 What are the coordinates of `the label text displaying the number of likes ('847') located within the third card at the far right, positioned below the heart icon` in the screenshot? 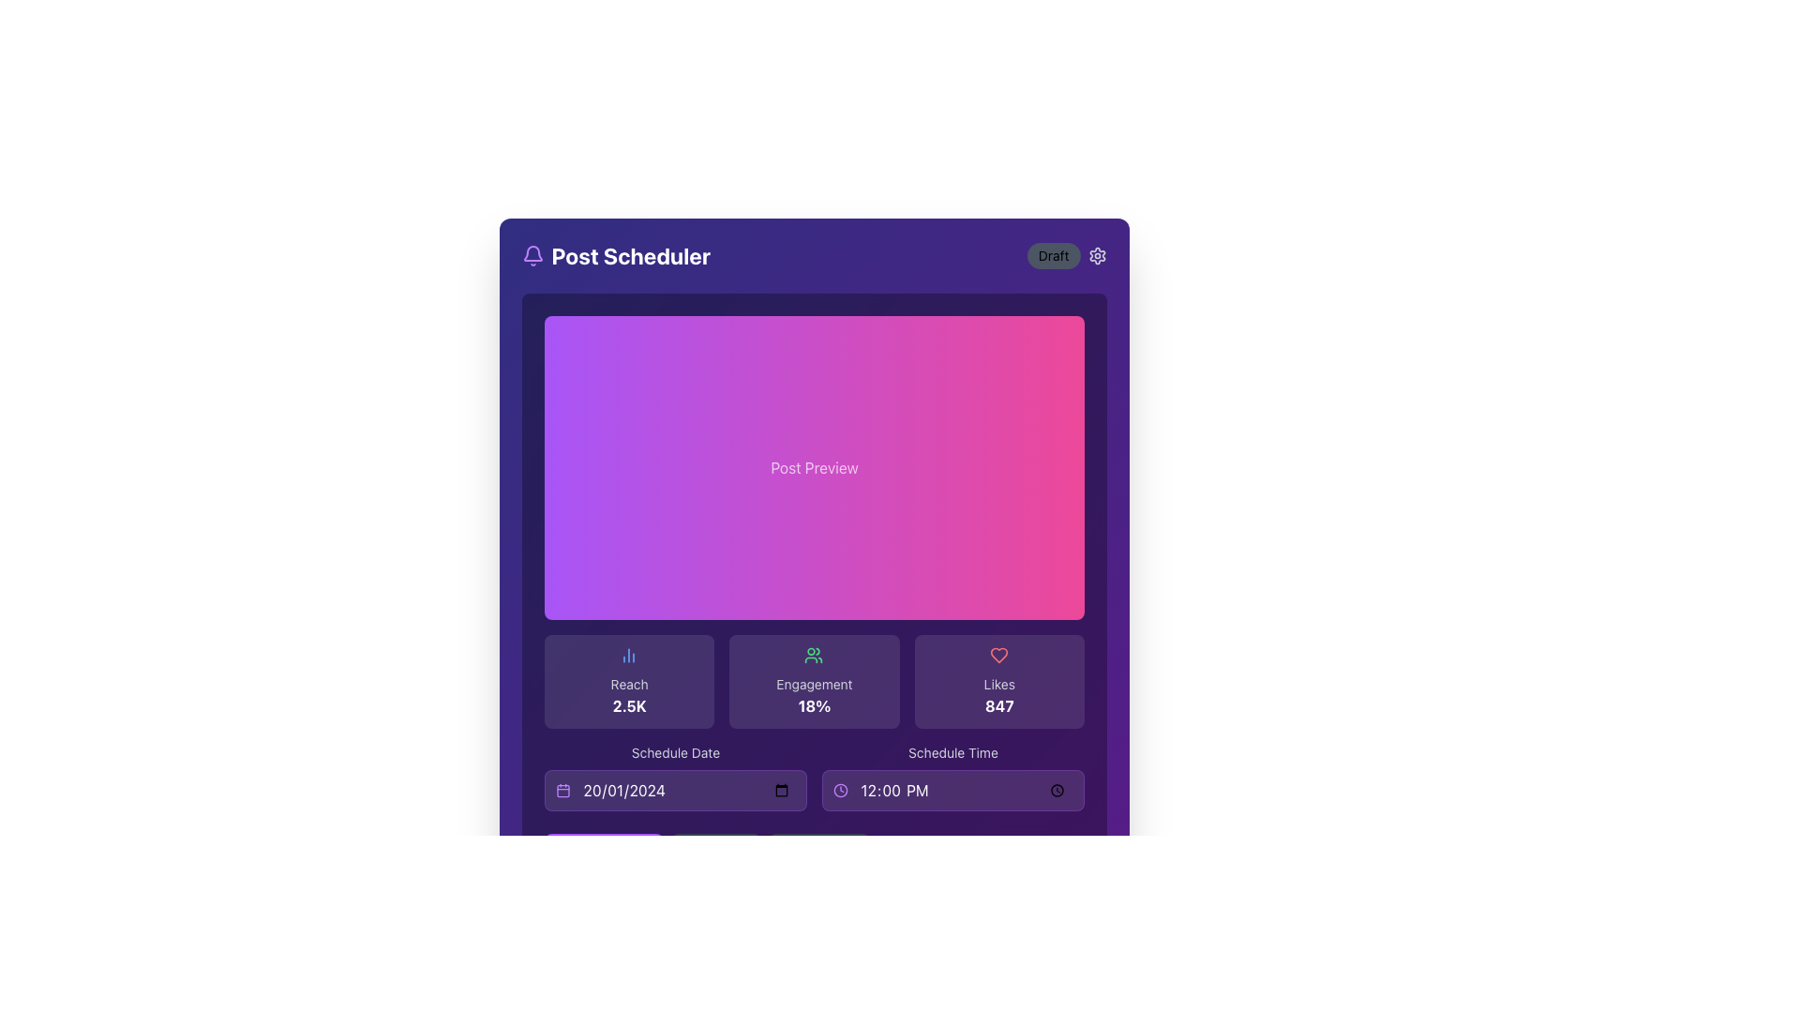 It's located at (997, 684).